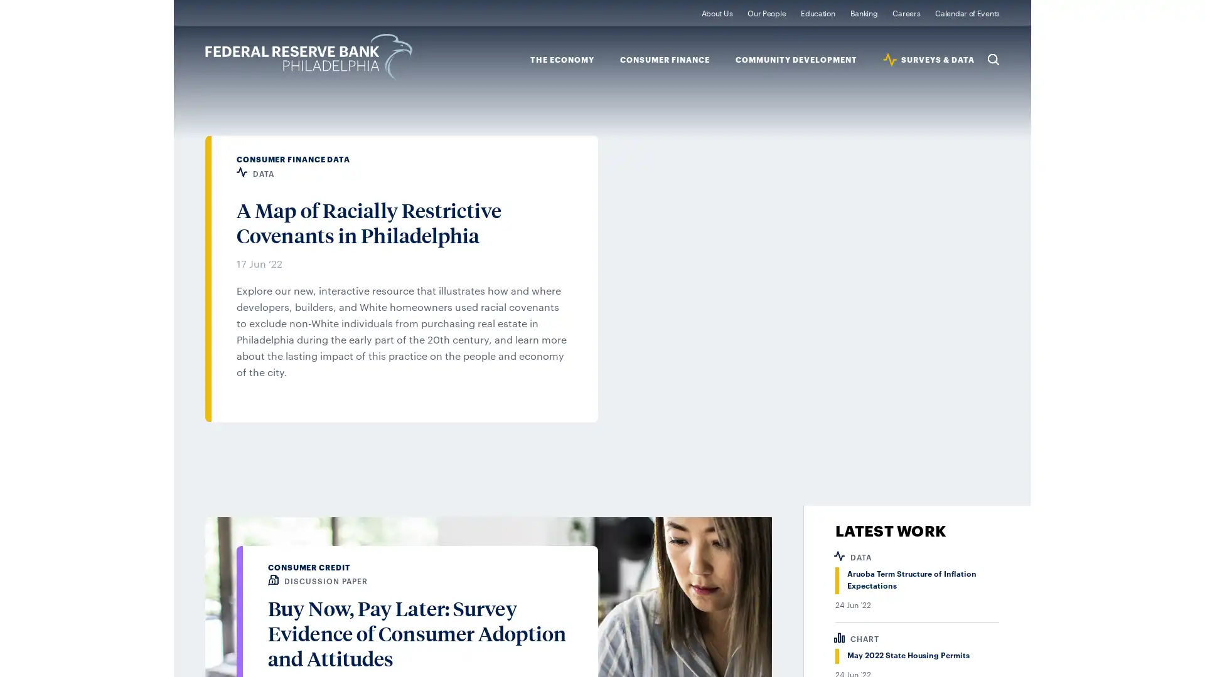  I want to click on Search, so click(993, 58).